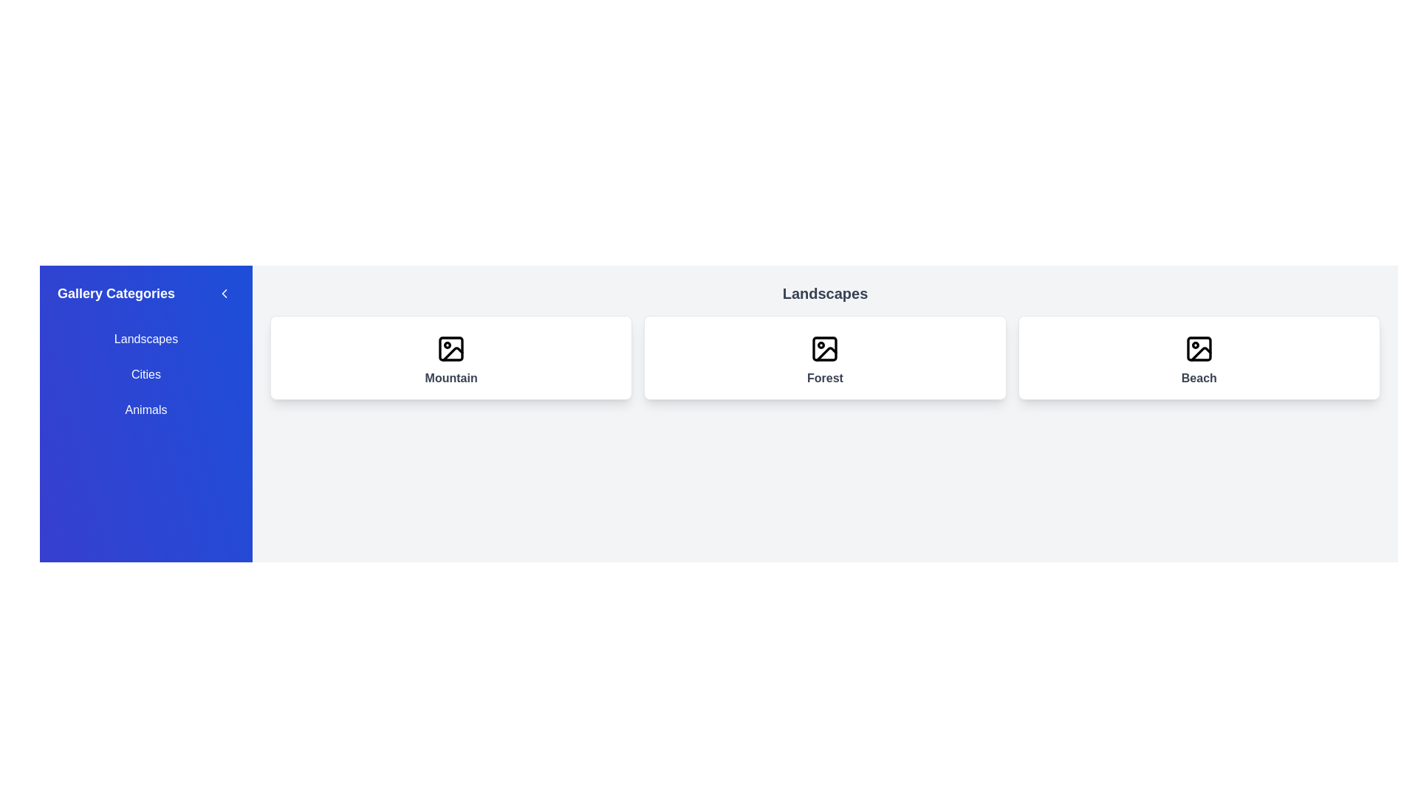  Describe the element at coordinates (1199, 349) in the screenshot. I see `the image icon representing a photograph, which is styled in a black line format and is centered within the 'Beach' card, the third card in the Landscapes category` at that location.